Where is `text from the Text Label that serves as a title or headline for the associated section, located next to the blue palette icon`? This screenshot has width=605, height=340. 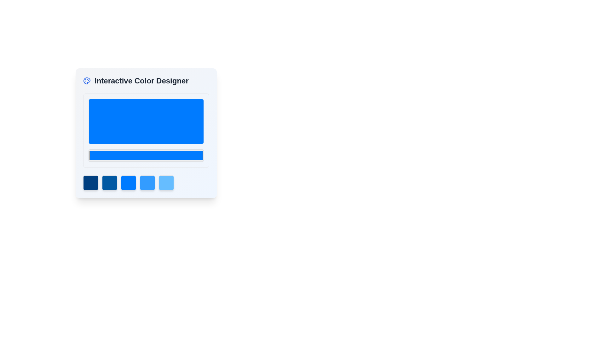
text from the Text Label that serves as a title or headline for the associated section, located next to the blue palette icon is located at coordinates (141, 81).